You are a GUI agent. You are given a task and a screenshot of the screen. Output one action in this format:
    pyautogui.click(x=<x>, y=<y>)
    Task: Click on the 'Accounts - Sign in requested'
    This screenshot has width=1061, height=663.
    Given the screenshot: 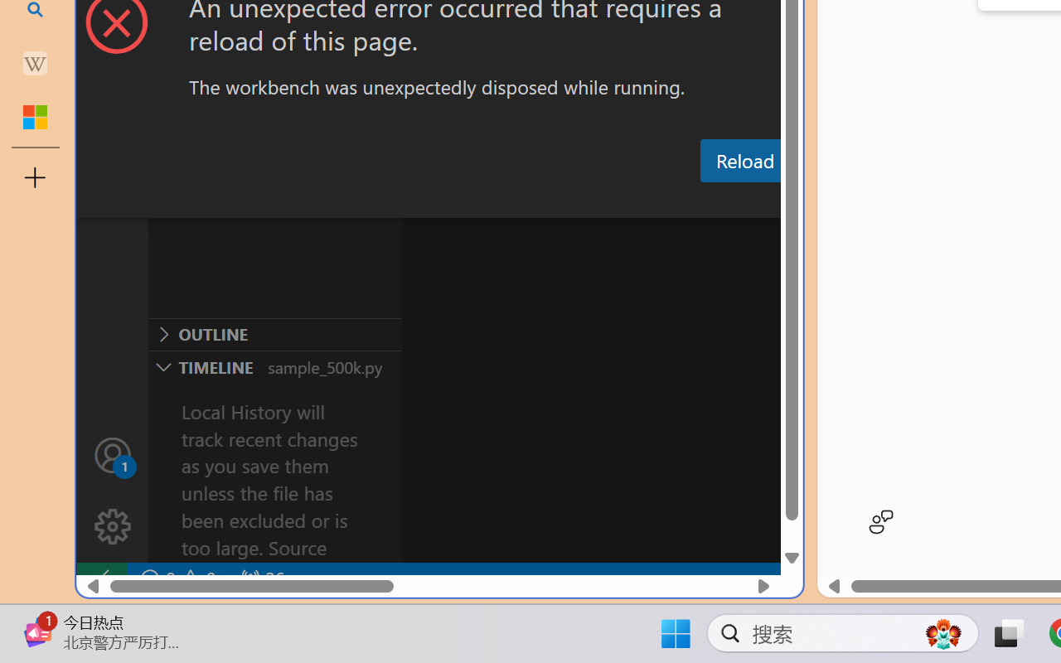 What is the action you would take?
    pyautogui.click(x=111, y=454)
    